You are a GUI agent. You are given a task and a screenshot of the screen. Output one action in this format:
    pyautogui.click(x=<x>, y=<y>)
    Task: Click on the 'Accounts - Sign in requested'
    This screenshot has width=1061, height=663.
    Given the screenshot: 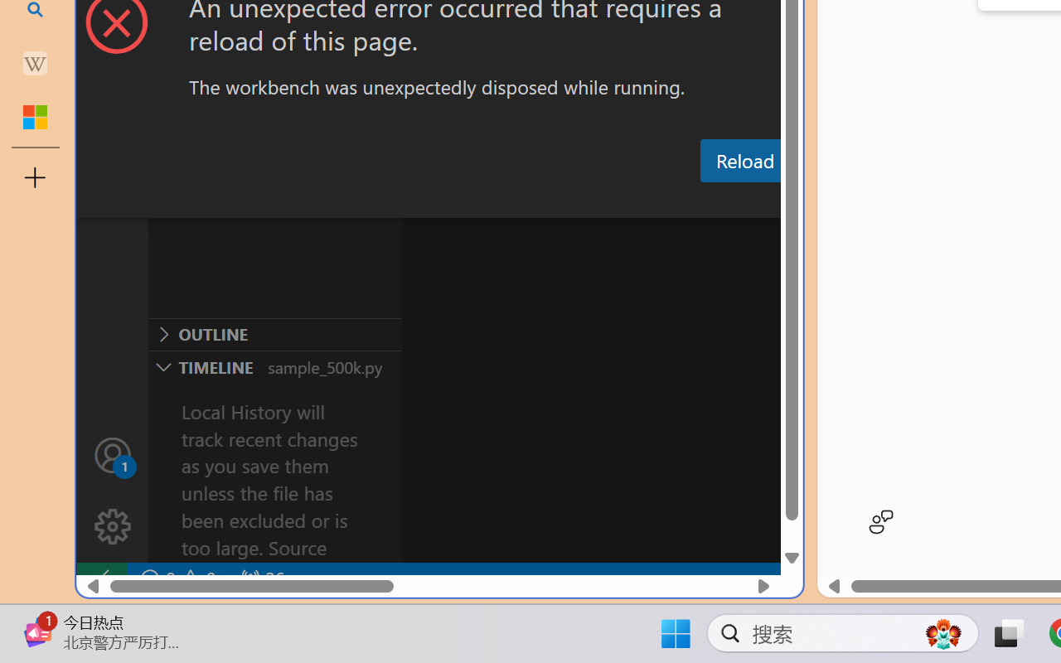 What is the action you would take?
    pyautogui.click(x=111, y=454)
    